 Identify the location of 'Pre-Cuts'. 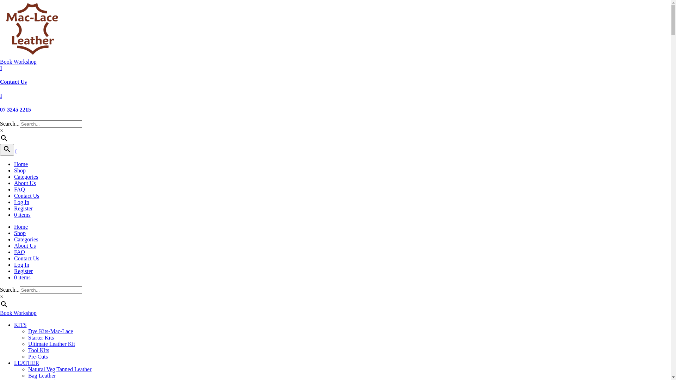
(28, 356).